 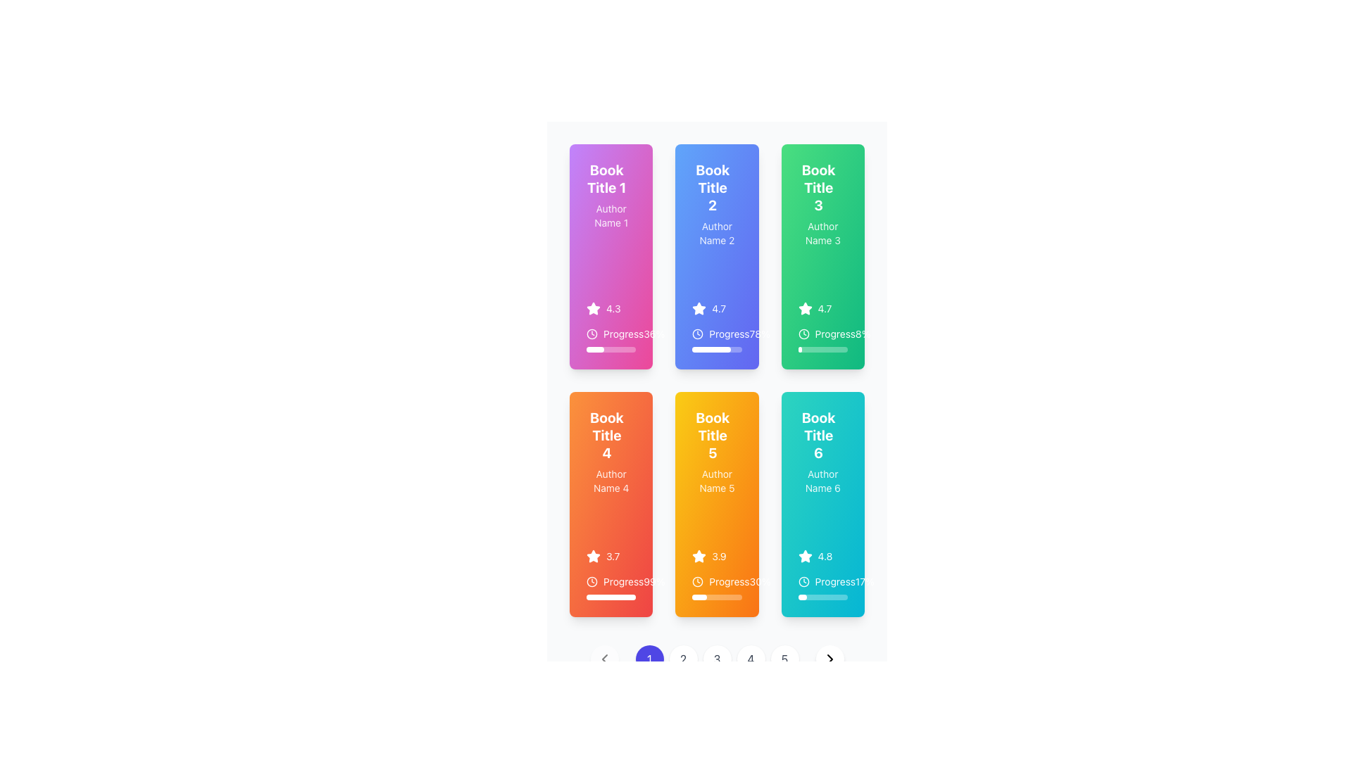 I want to click on the static text label displaying 'Book Title 2' located in the second card of the first row in the grid layout, so click(x=717, y=190).